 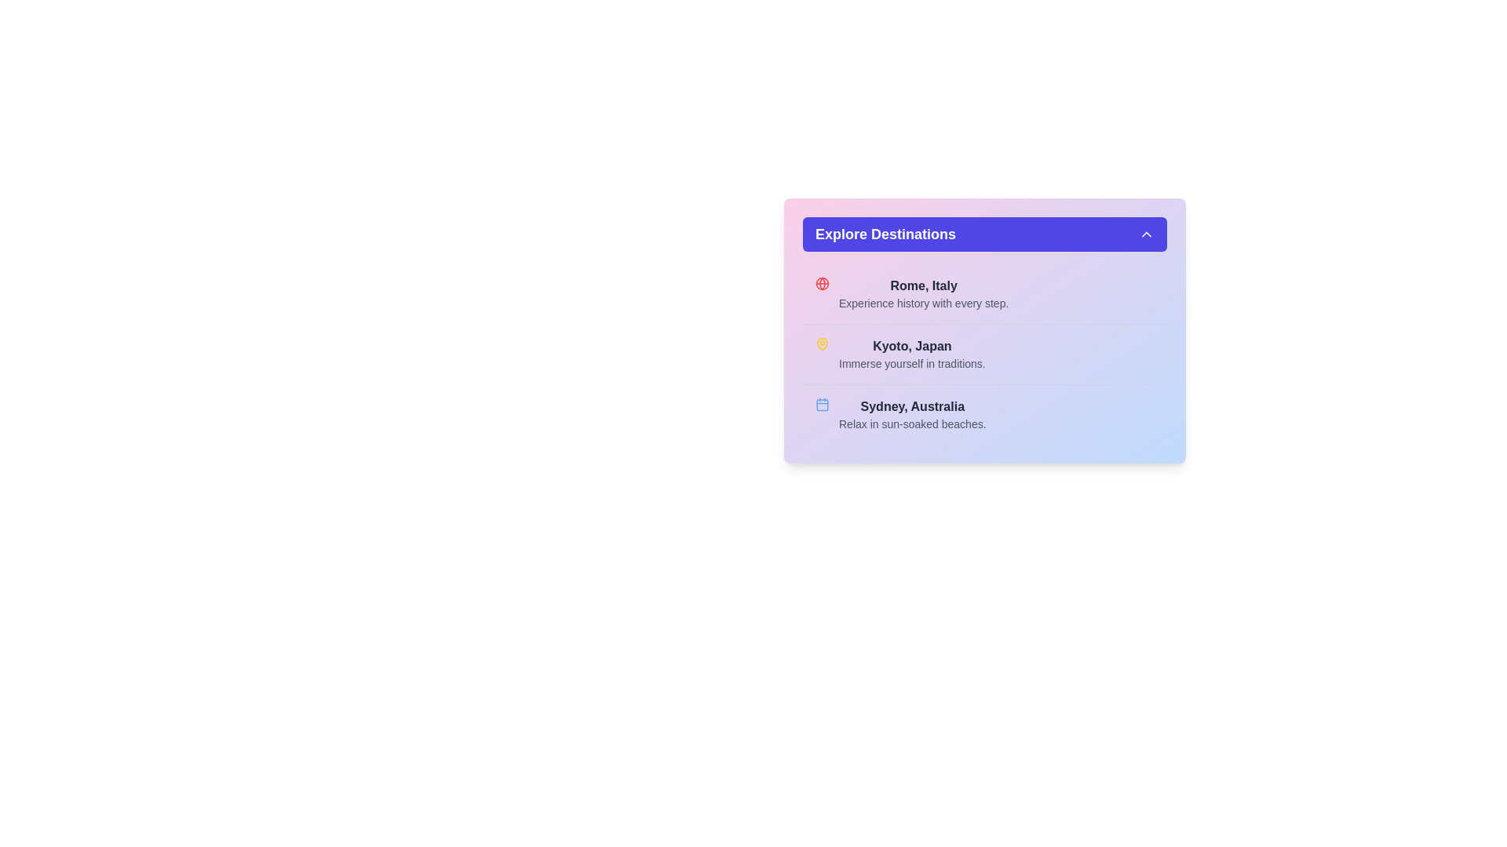 I want to click on the yellow map pin icon located to the left of the text 'Kyoto, Japan' in the second entry of the destination list, so click(x=821, y=354).